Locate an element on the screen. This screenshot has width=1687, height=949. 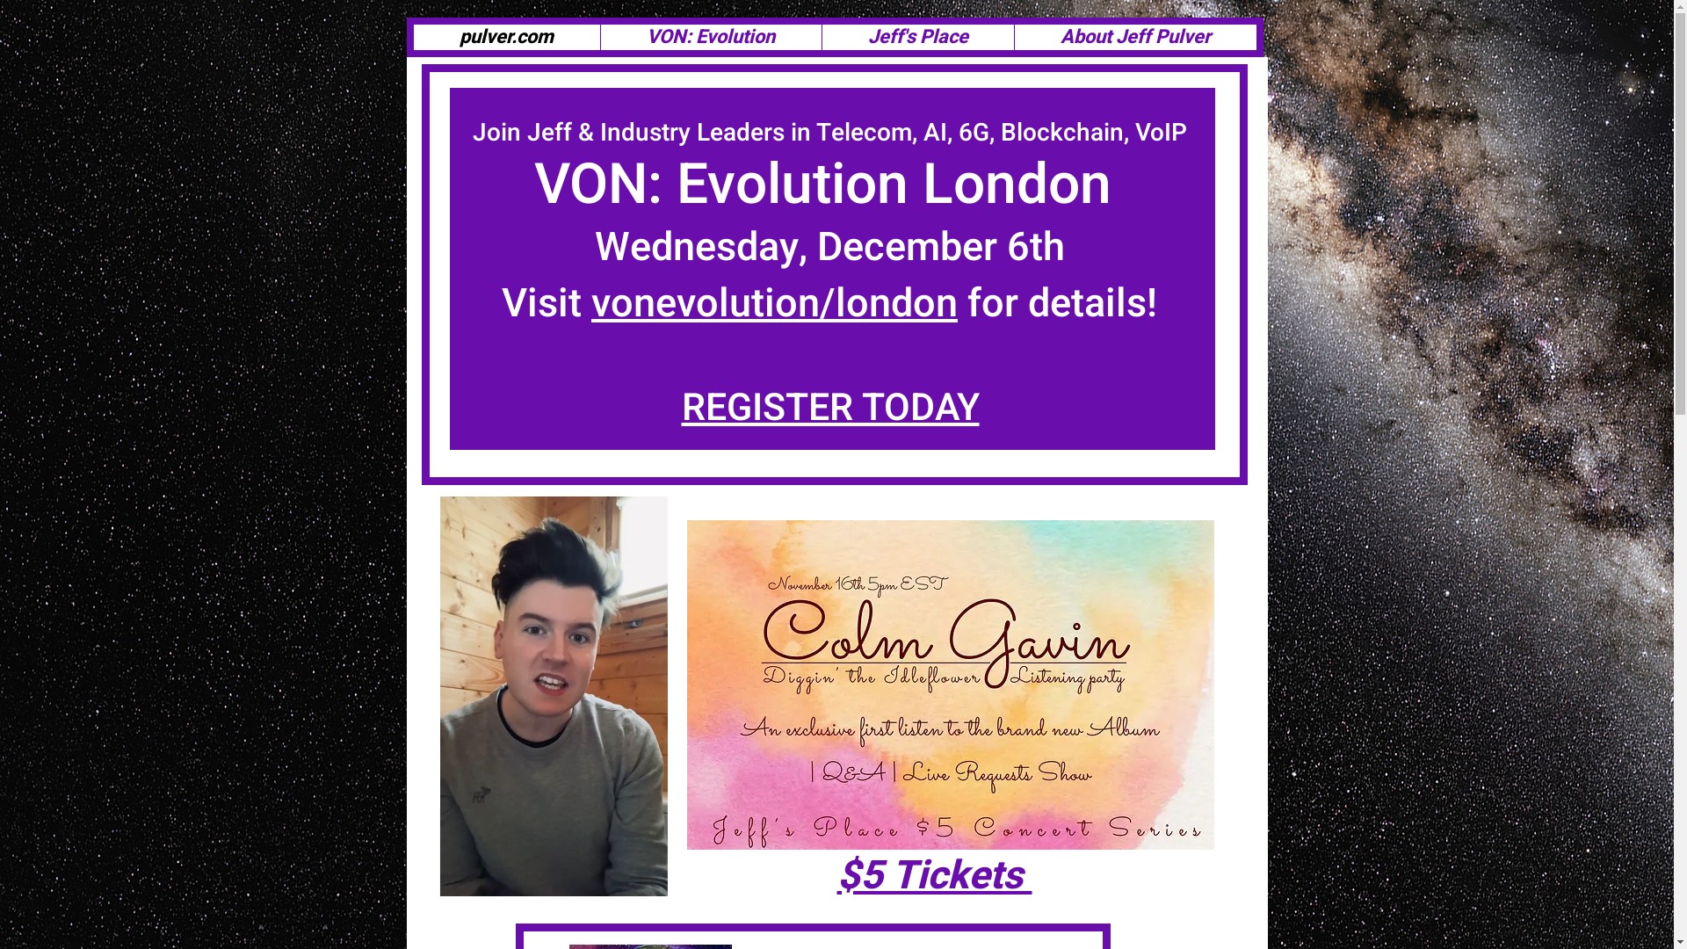
'vonevolution/london' is located at coordinates (773, 303).